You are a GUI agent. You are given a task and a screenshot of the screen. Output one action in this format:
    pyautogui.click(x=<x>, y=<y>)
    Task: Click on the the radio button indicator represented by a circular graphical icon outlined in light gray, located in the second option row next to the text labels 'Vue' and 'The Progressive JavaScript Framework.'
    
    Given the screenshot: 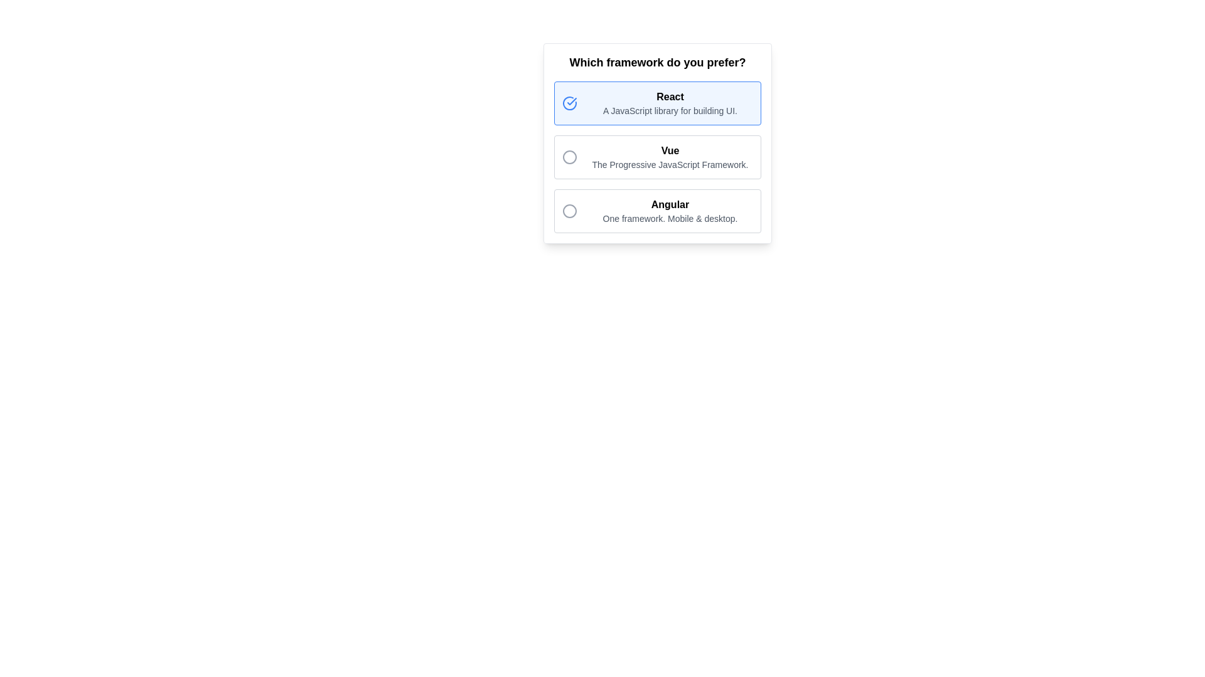 What is the action you would take?
    pyautogui.click(x=569, y=156)
    